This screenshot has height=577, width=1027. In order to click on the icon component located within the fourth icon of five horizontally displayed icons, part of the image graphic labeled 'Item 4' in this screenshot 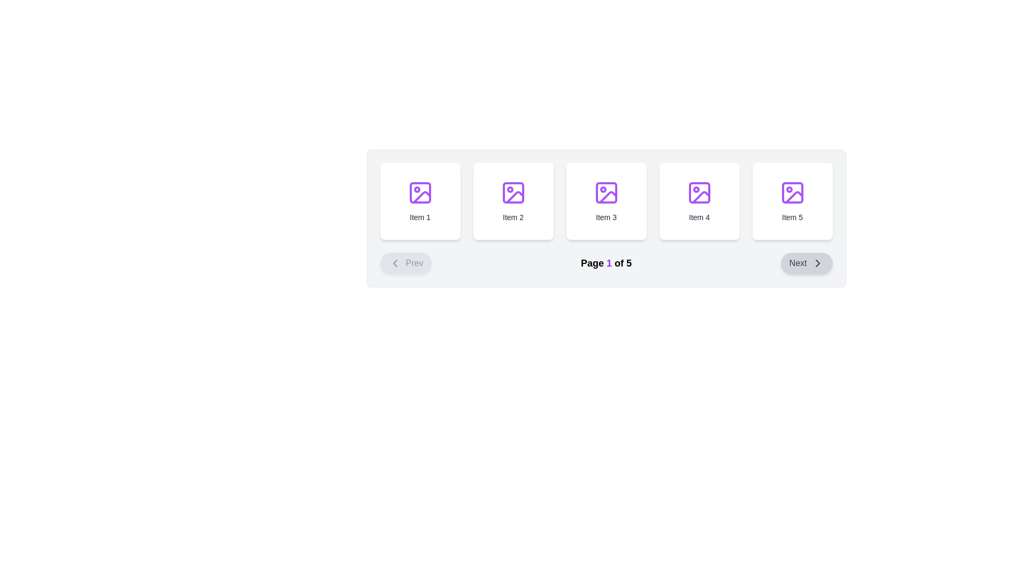, I will do `click(699, 193)`.